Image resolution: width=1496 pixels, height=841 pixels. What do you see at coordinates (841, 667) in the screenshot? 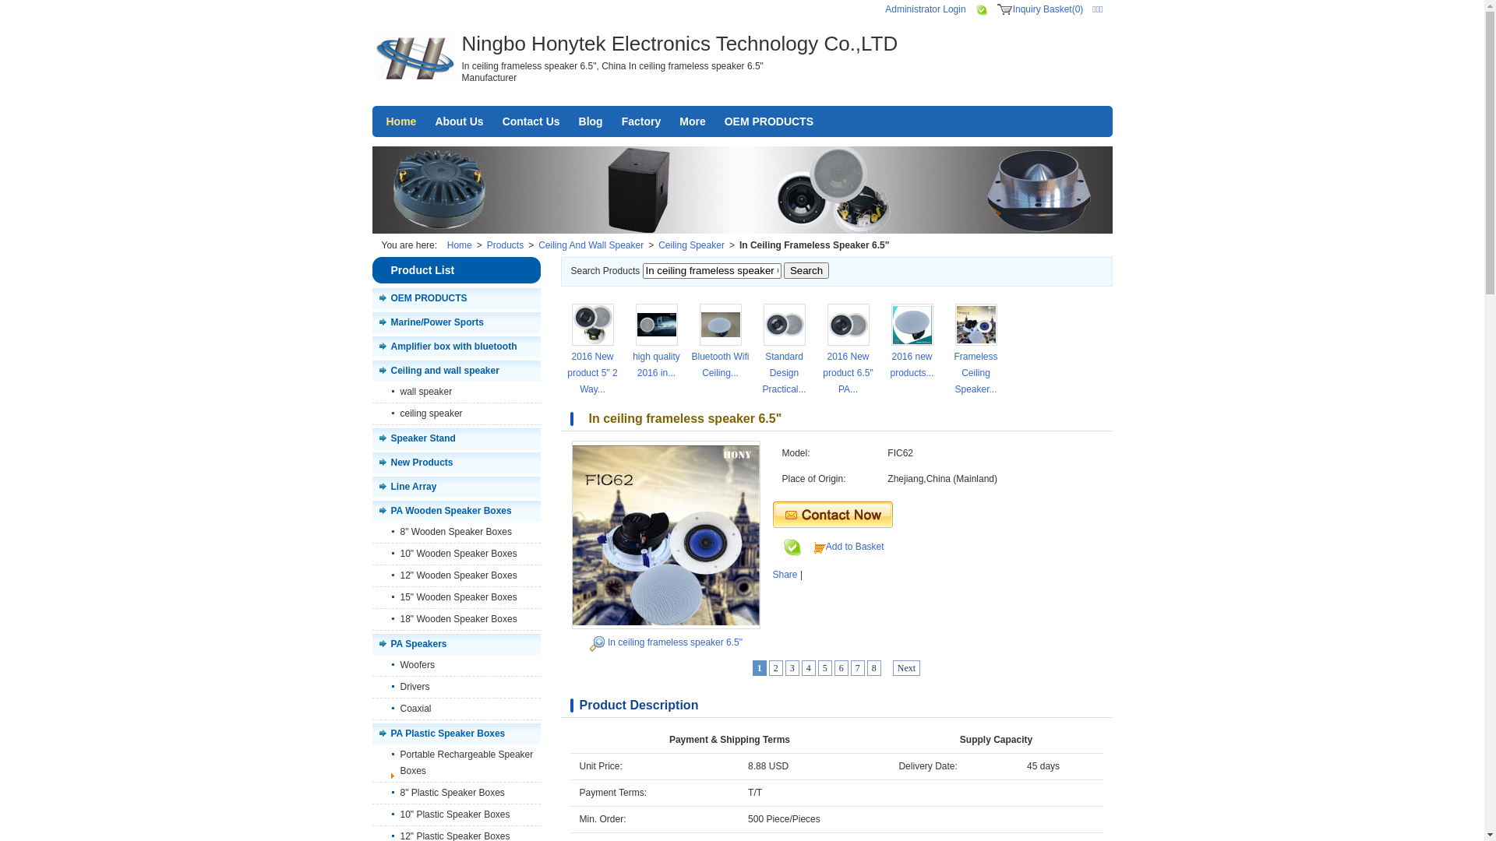
I see `'6'` at bounding box center [841, 667].